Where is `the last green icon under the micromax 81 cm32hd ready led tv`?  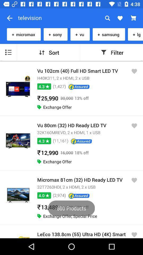 the last green icon under the micromax 81 cm32hd ready led tv is located at coordinates (39, 216).